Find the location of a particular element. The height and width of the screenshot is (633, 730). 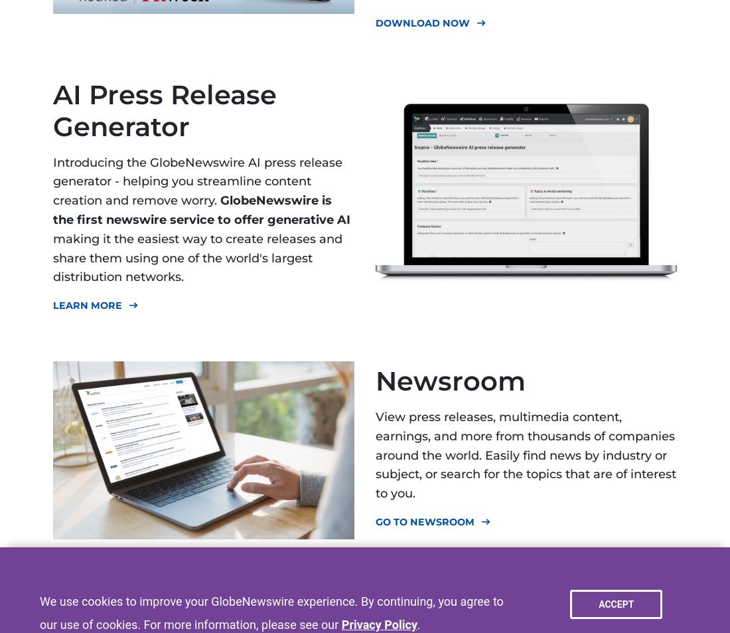

'Download Now' is located at coordinates (423, 22).